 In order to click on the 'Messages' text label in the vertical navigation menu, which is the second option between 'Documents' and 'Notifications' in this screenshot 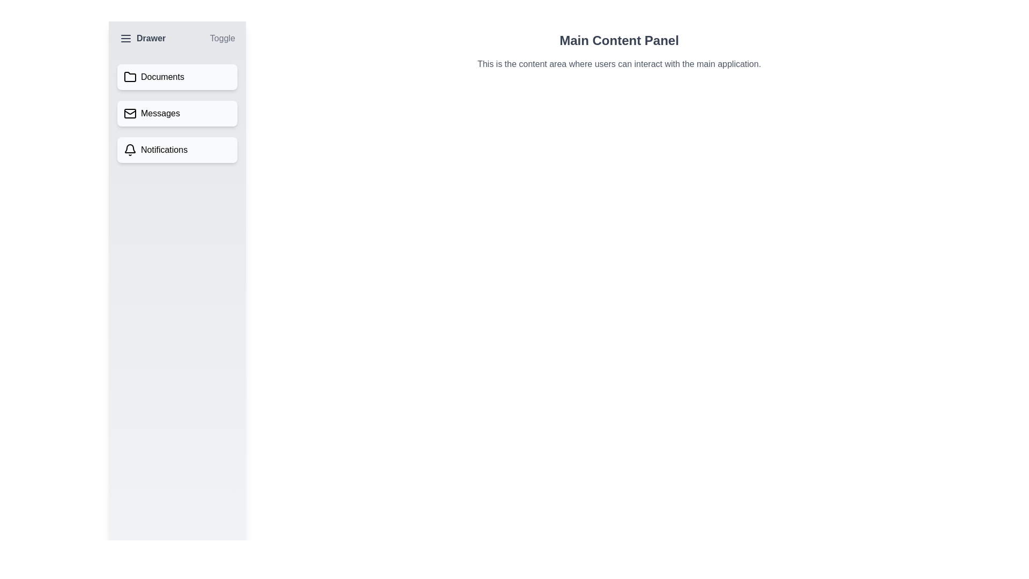, I will do `click(160, 114)`.